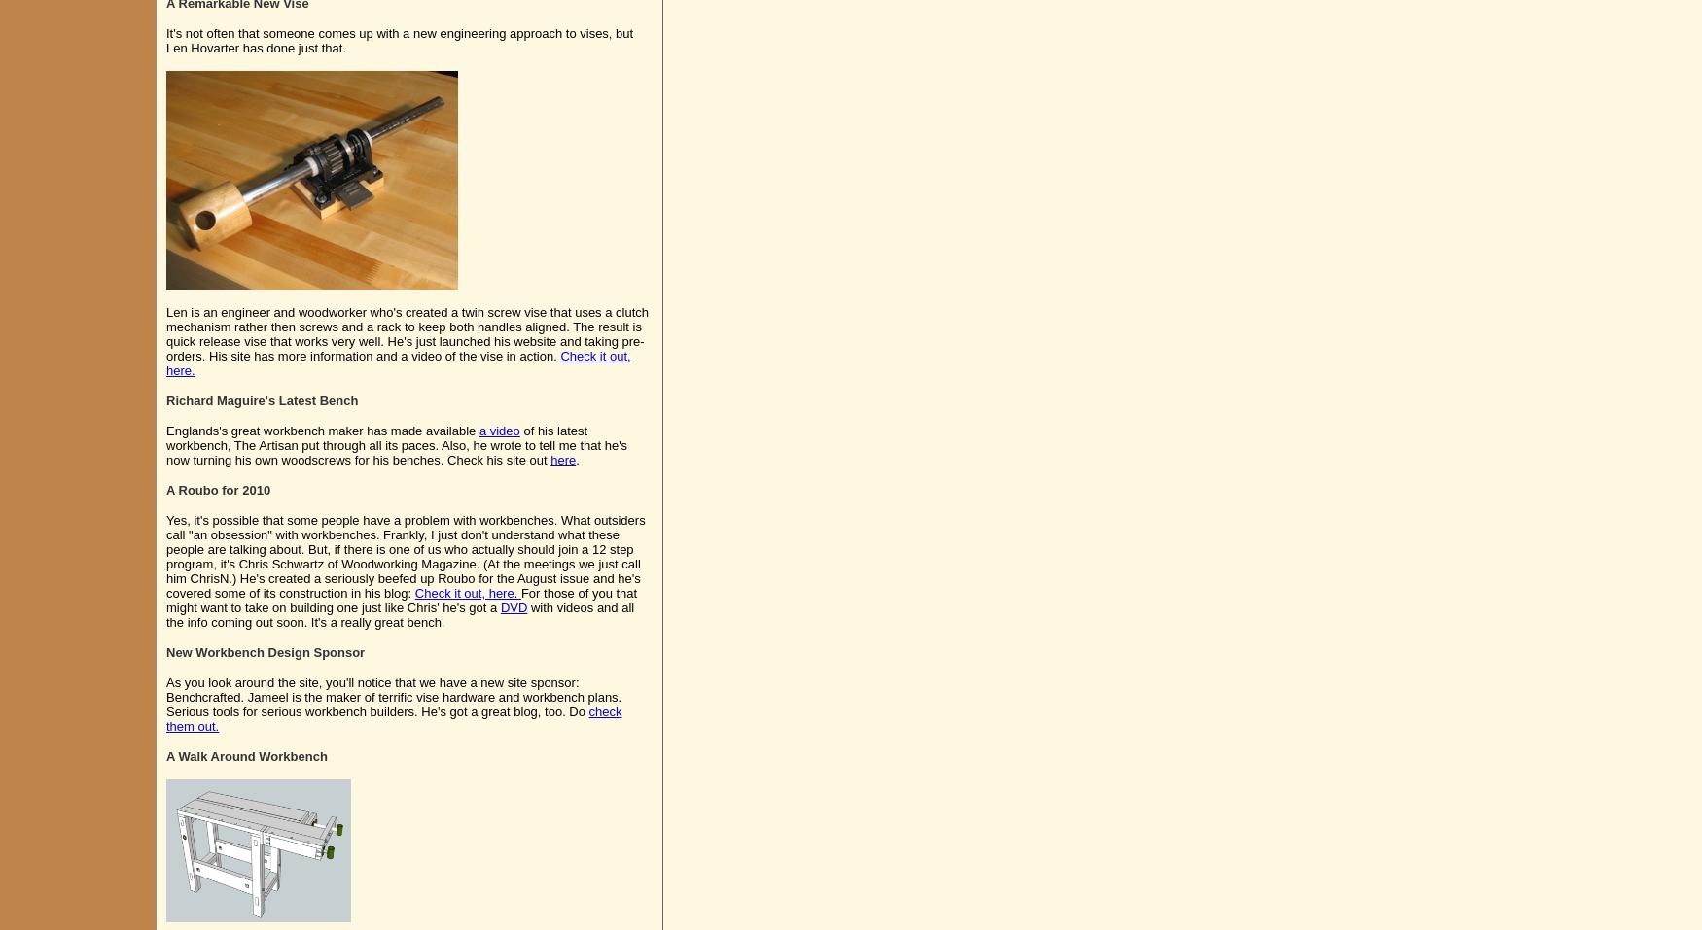 This screenshot has height=930, width=1702. I want to click on 'A Walk Around Workbench', so click(245, 755).